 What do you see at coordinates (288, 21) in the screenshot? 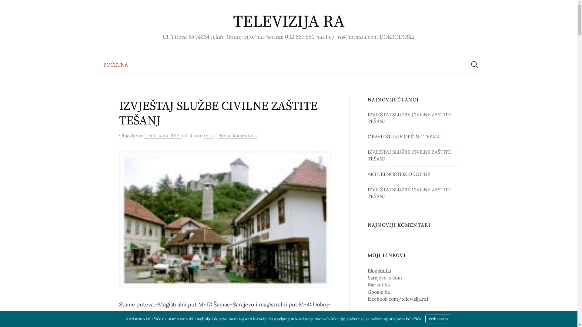
I see `'TELEVIZIJA RA'` at bounding box center [288, 21].